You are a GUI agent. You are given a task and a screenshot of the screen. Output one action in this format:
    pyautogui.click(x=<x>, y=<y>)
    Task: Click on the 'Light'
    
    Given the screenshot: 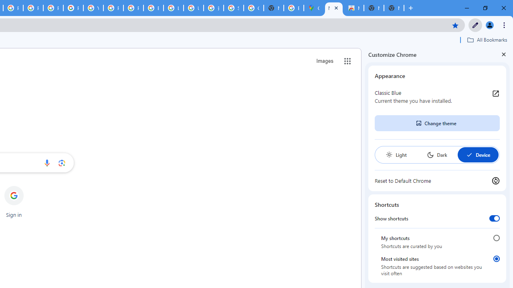 What is the action you would take?
    pyautogui.click(x=396, y=155)
    